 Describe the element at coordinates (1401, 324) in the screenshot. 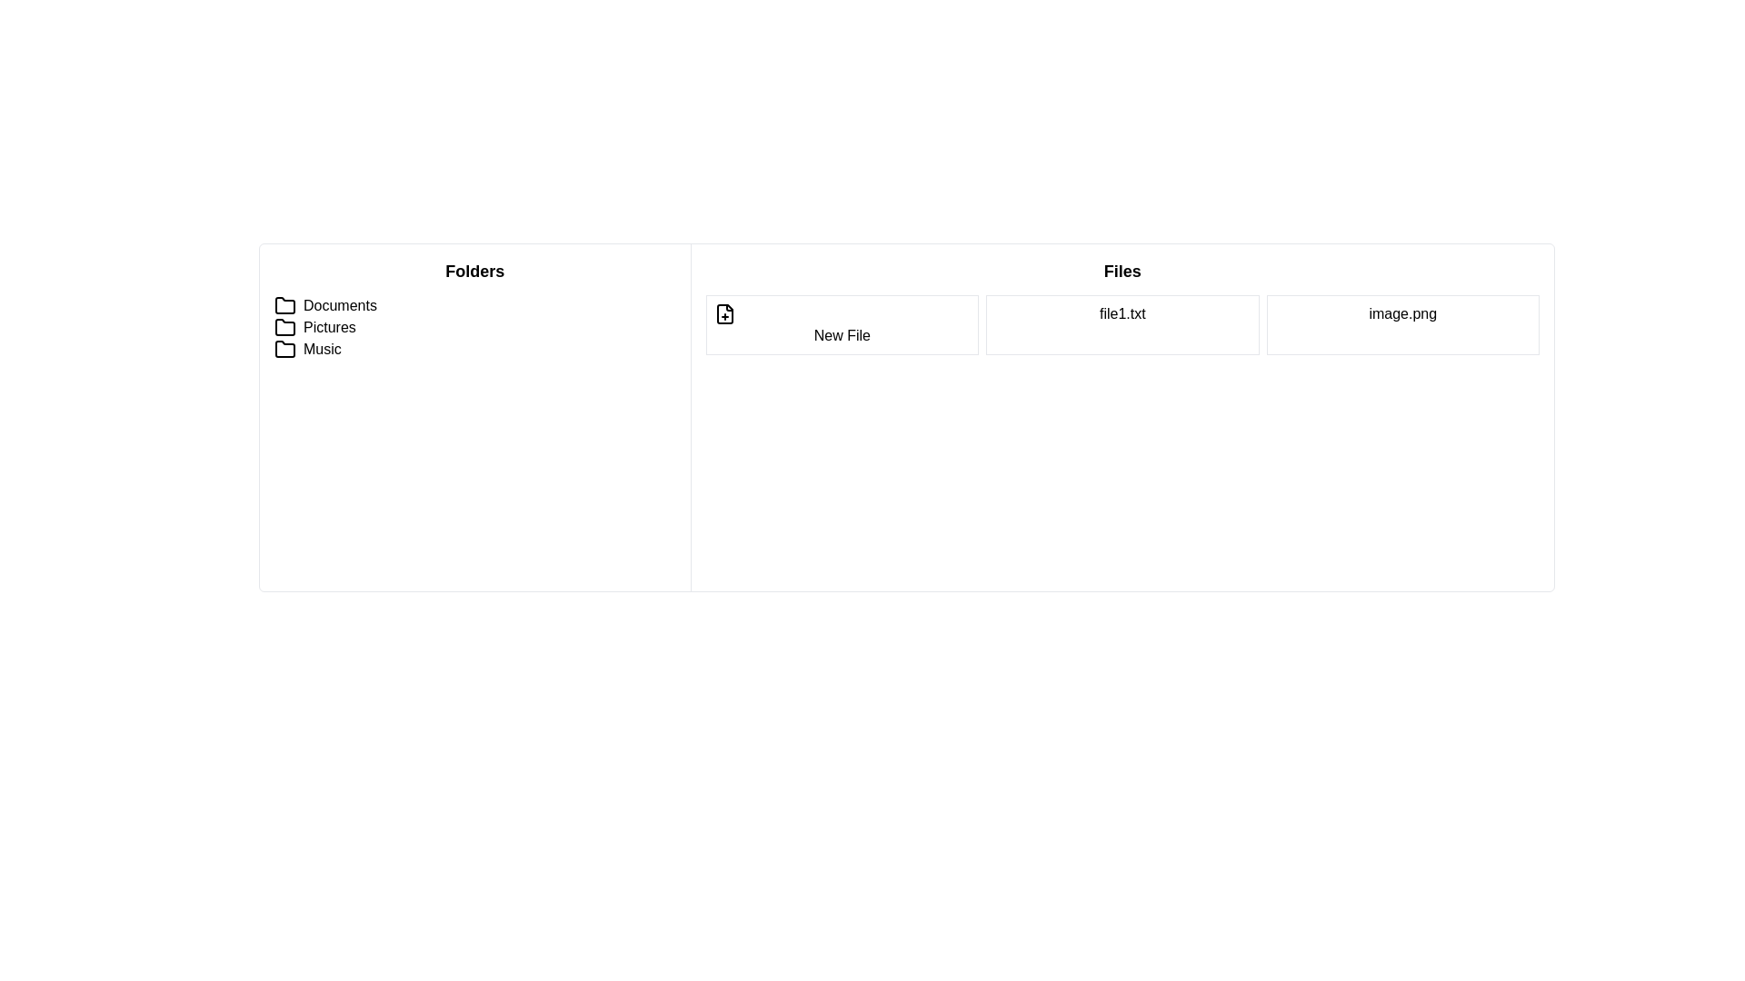

I see `the text label representing the file named 'image.png' located in the rightmost position of the grid under the 'Files' section` at that location.